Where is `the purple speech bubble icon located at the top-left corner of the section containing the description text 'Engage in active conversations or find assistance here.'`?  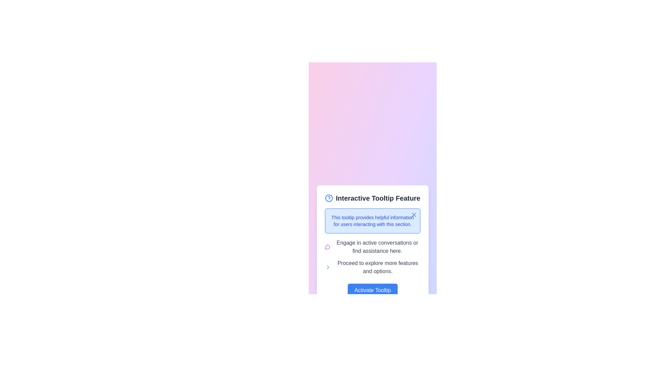
the purple speech bubble icon located at the top-left corner of the section containing the description text 'Engage in active conversations or find assistance here.' is located at coordinates (327, 247).